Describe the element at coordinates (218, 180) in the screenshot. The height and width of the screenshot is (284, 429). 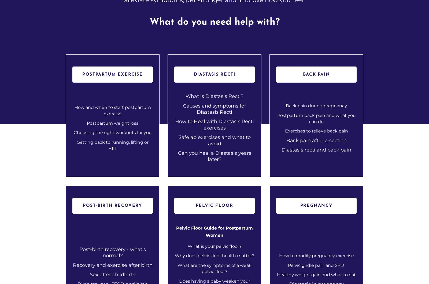
I see `'Contact Us'` at that location.